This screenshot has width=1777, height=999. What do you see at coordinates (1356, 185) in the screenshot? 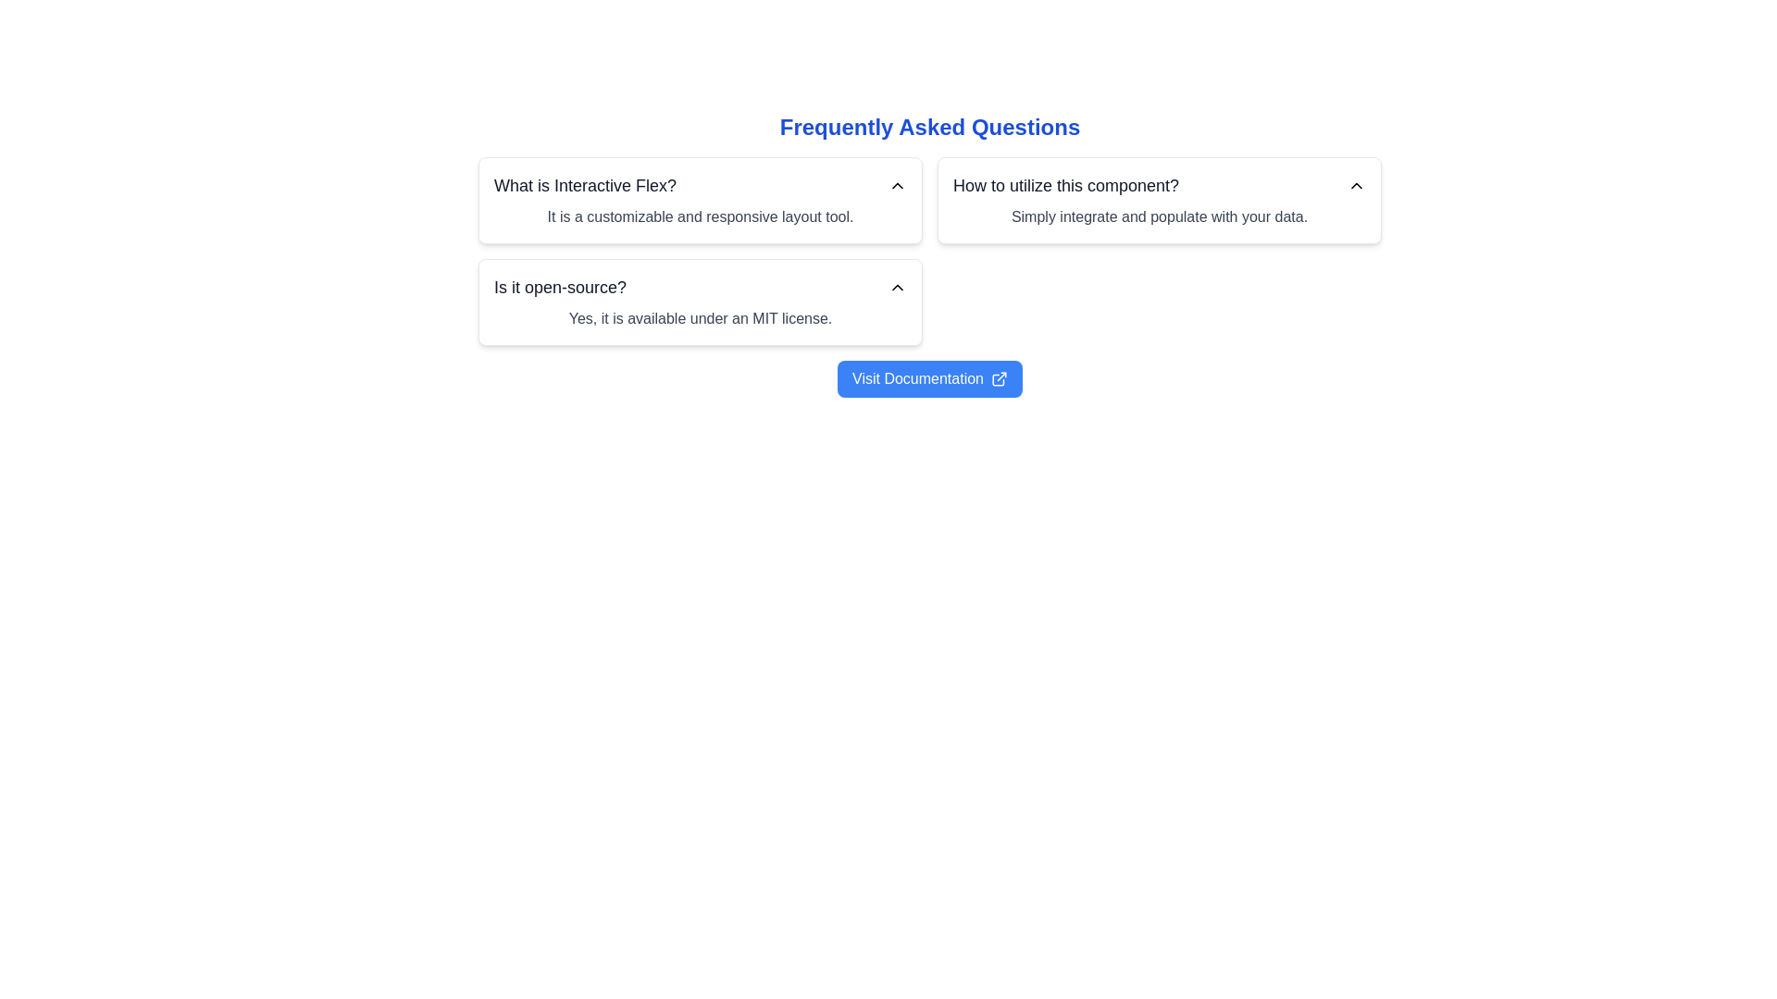
I see `the small upward-pointing chevron button located to the far right of the panel containing the question 'How to utilize this component?'` at bounding box center [1356, 185].